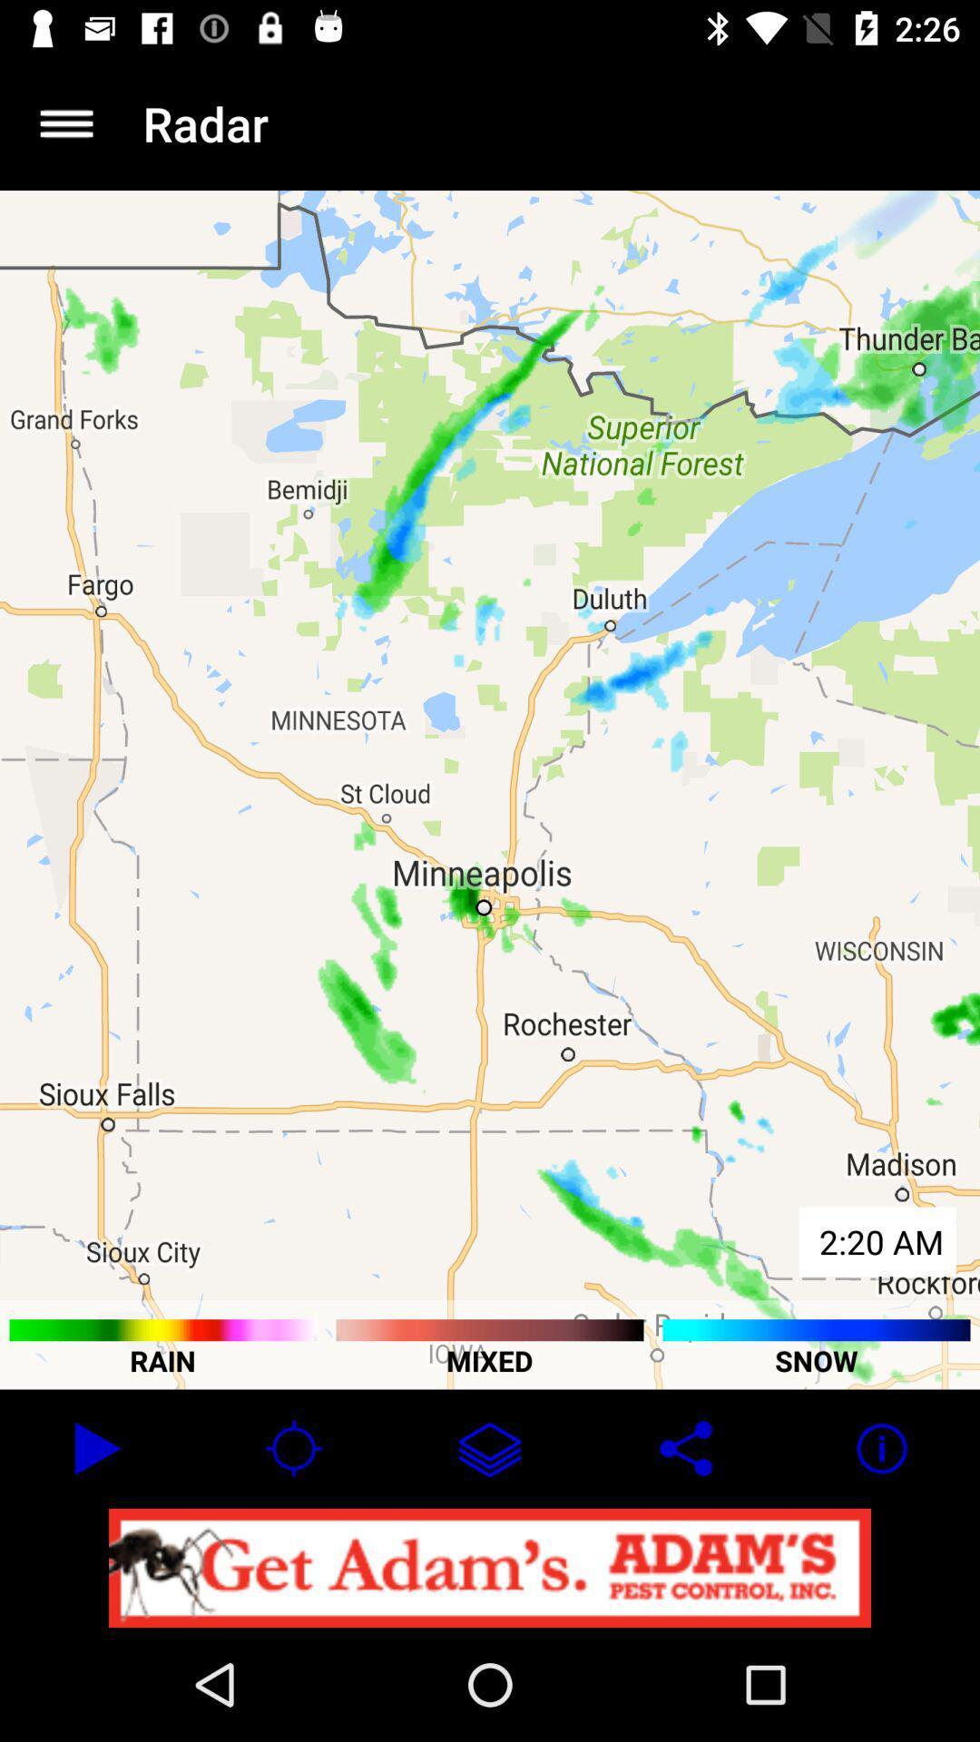  Describe the element at coordinates (490, 1567) in the screenshot. I see `notification` at that location.